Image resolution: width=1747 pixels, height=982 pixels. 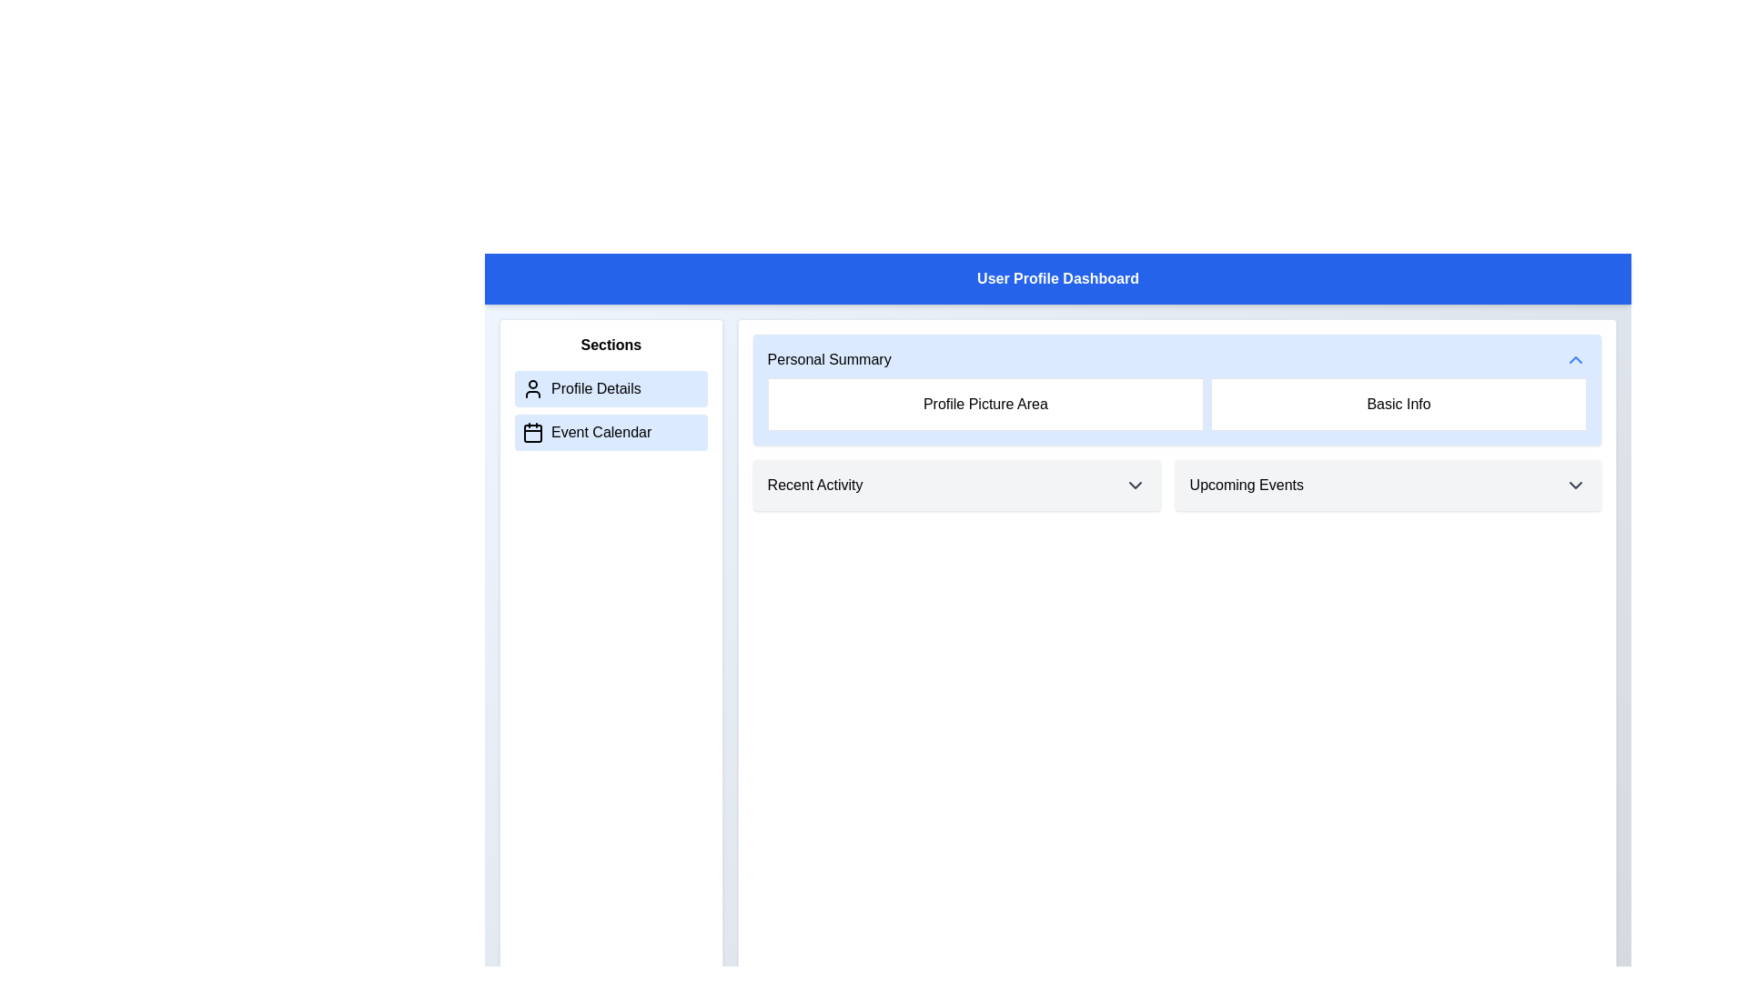 I want to click on the header titled 'User Profile Dashboard' which has a strong blue background and spans the entire width of the interface, so click(x=1057, y=279).